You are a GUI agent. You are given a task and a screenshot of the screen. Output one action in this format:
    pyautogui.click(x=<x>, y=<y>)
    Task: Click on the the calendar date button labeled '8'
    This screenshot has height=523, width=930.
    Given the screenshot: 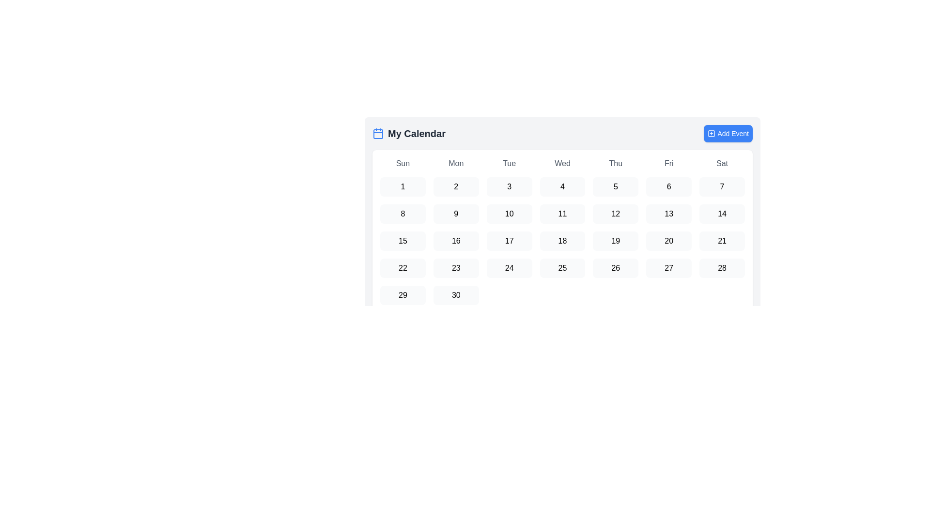 What is the action you would take?
    pyautogui.click(x=403, y=214)
    